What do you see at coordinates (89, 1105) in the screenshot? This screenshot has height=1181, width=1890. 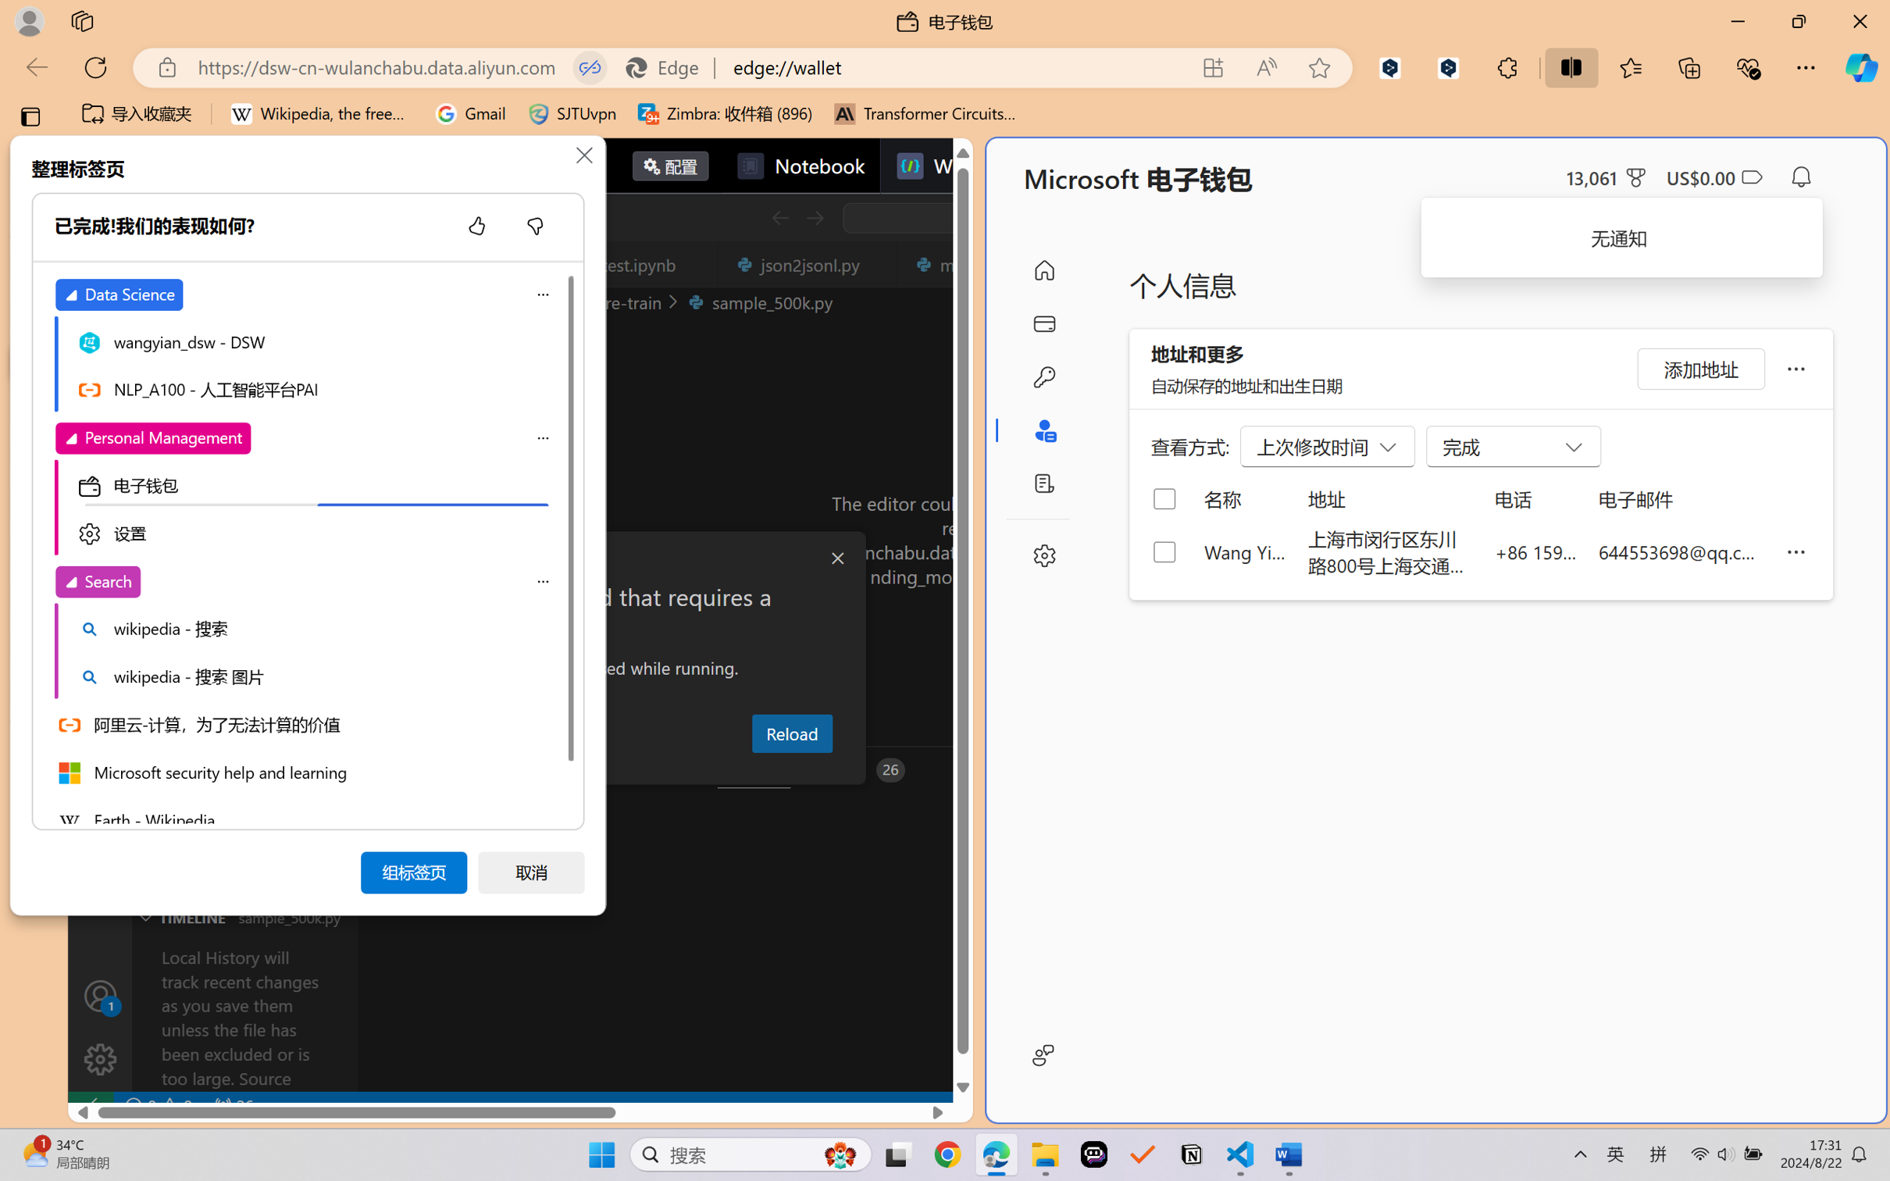 I see `'remote'` at bounding box center [89, 1105].